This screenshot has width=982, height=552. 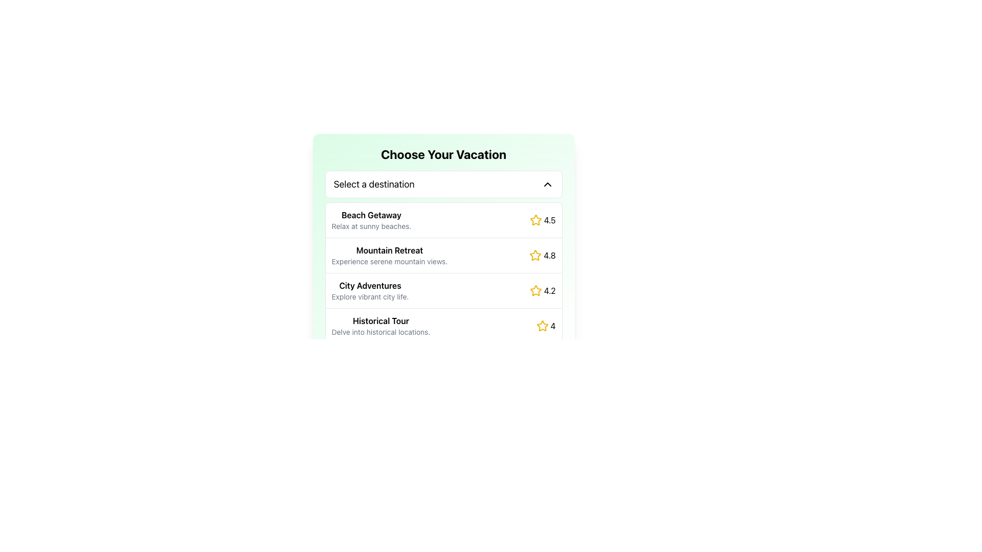 What do you see at coordinates (371, 220) in the screenshot?
I see `the List item titled 'Beach Getaway' with the subtitle 'Relax at sunny beaches.'` at bounding box center [371, 220].